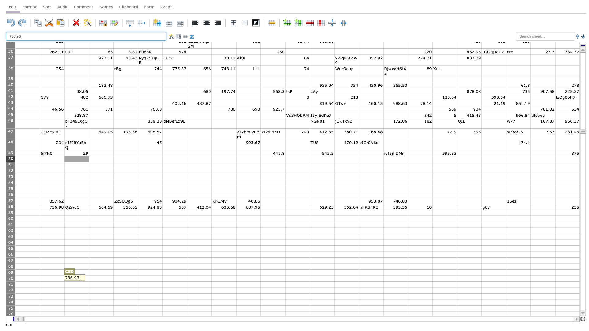 The height and width of the screenshot is (331, 589). Describe the element at coordinates (113, 281) in the screenshot. I see `Fill handle point of D-70` at that location.